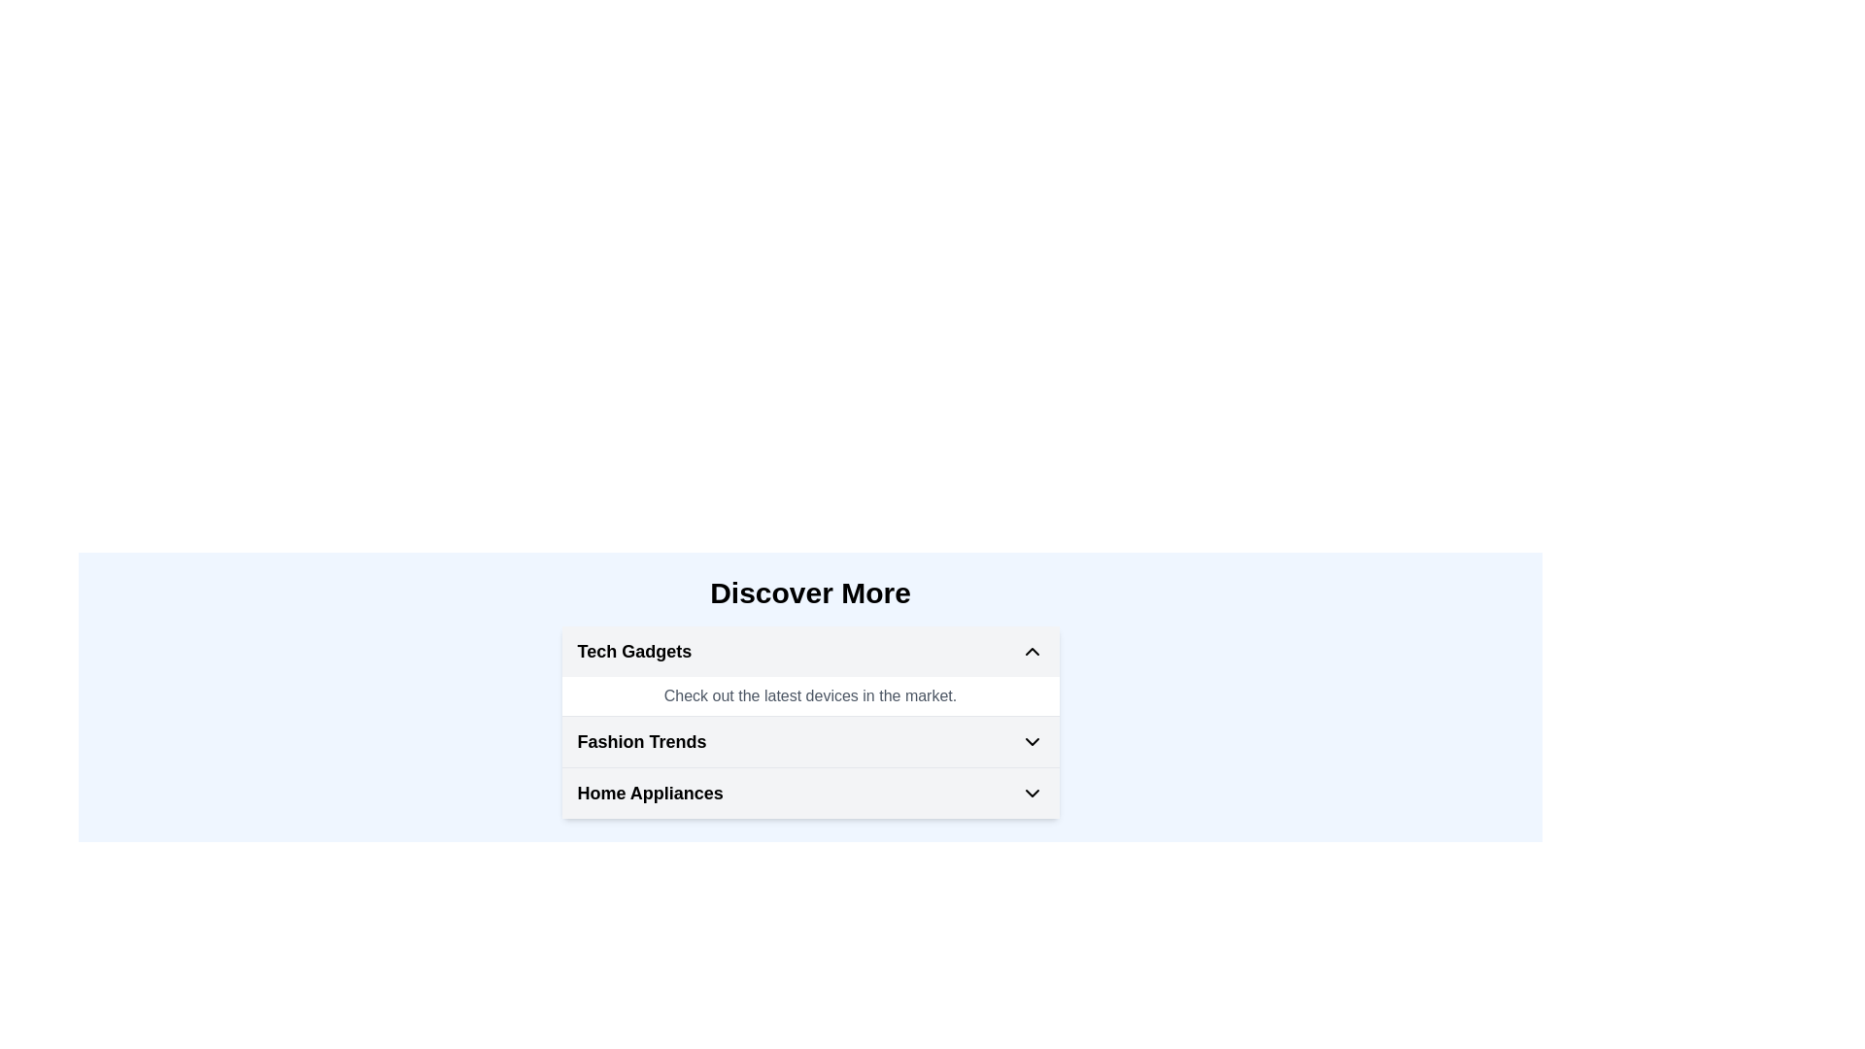 The width and height of the screenshot is (1865, 1049). I want to click on the chevron icon located in the top-right corner of the 'Tech Gadgets' section, so click(1031, 652).